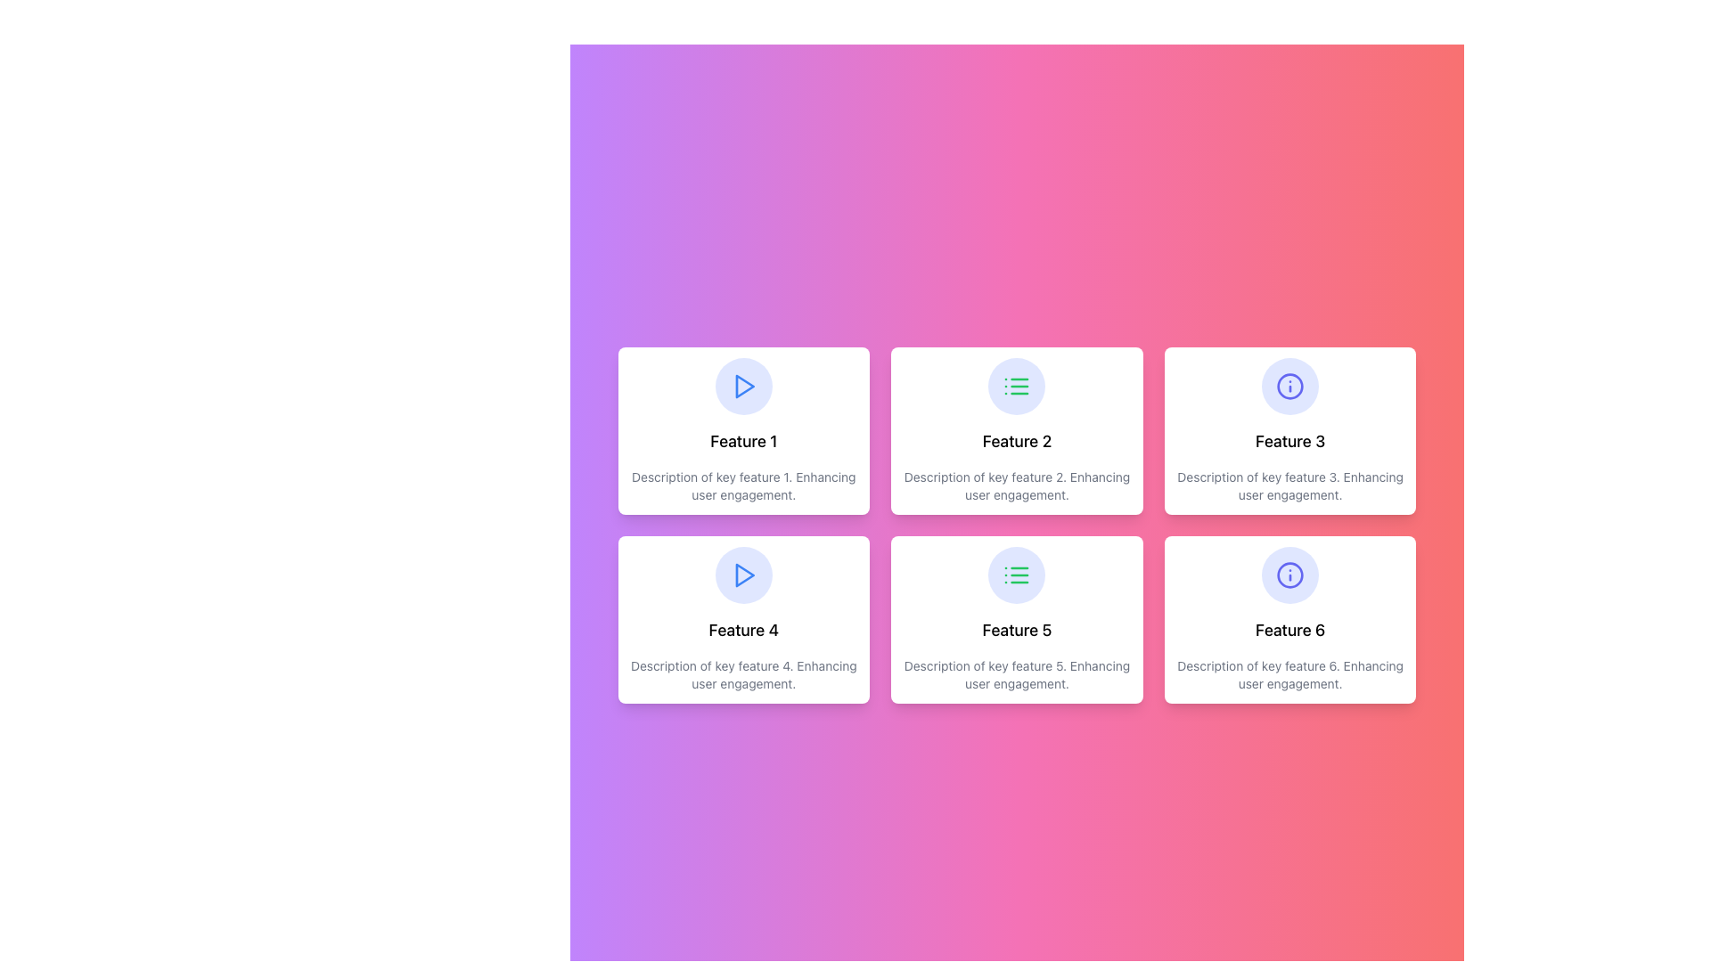  What do you see at coordinates (743, 618) in the screenshot?
I see `the first card in the second row of the three-column grid that describes 'Feature 4'` at bounding box center [743, 618].